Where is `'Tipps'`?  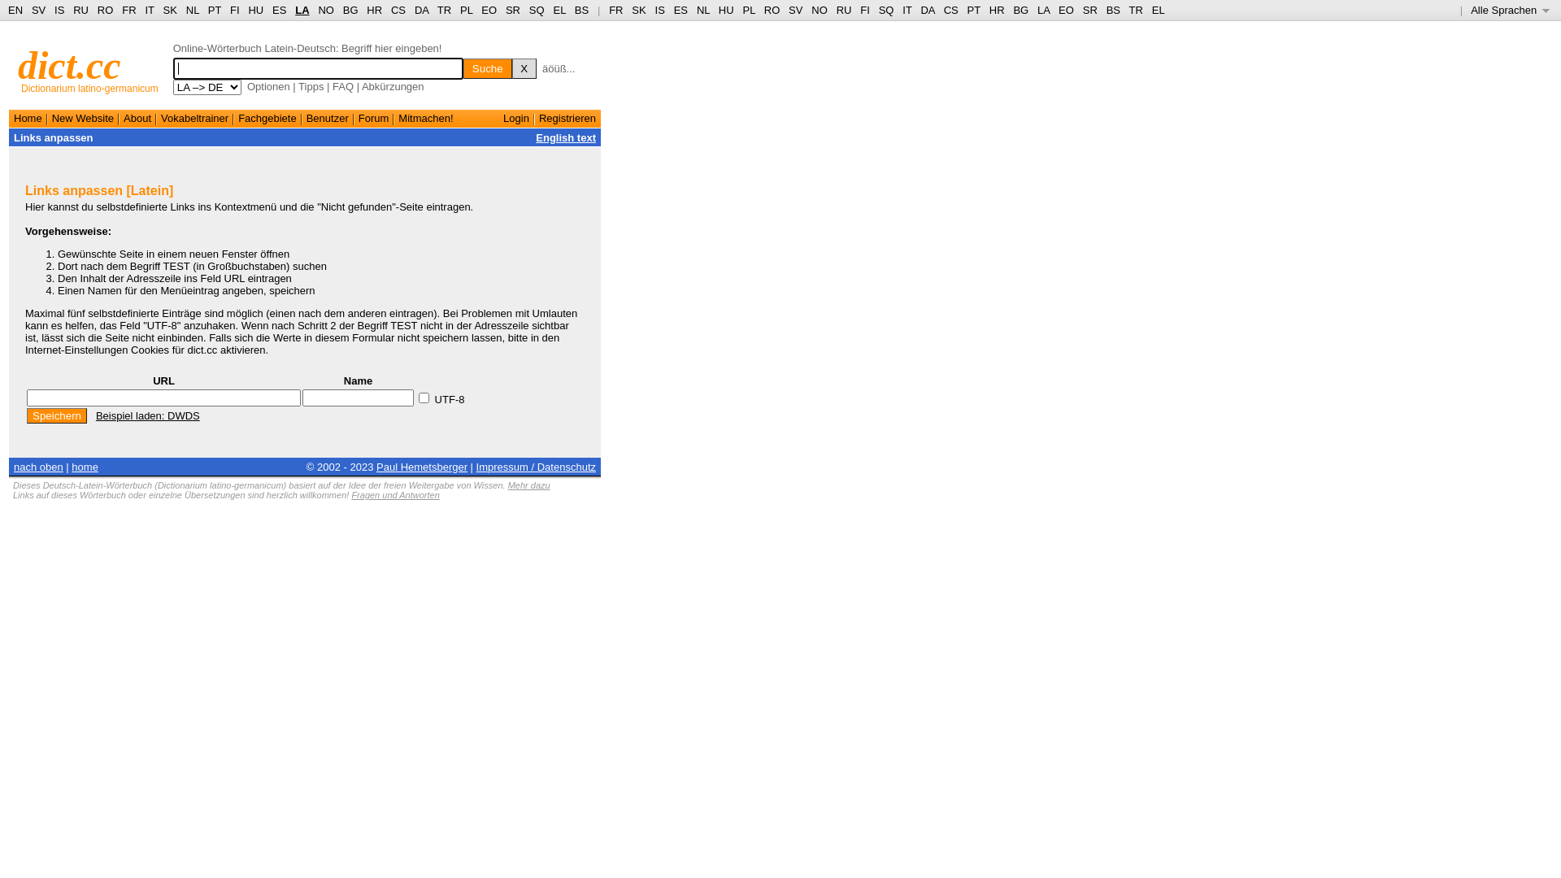
'Tipps' is located at coordinates (298, 86).